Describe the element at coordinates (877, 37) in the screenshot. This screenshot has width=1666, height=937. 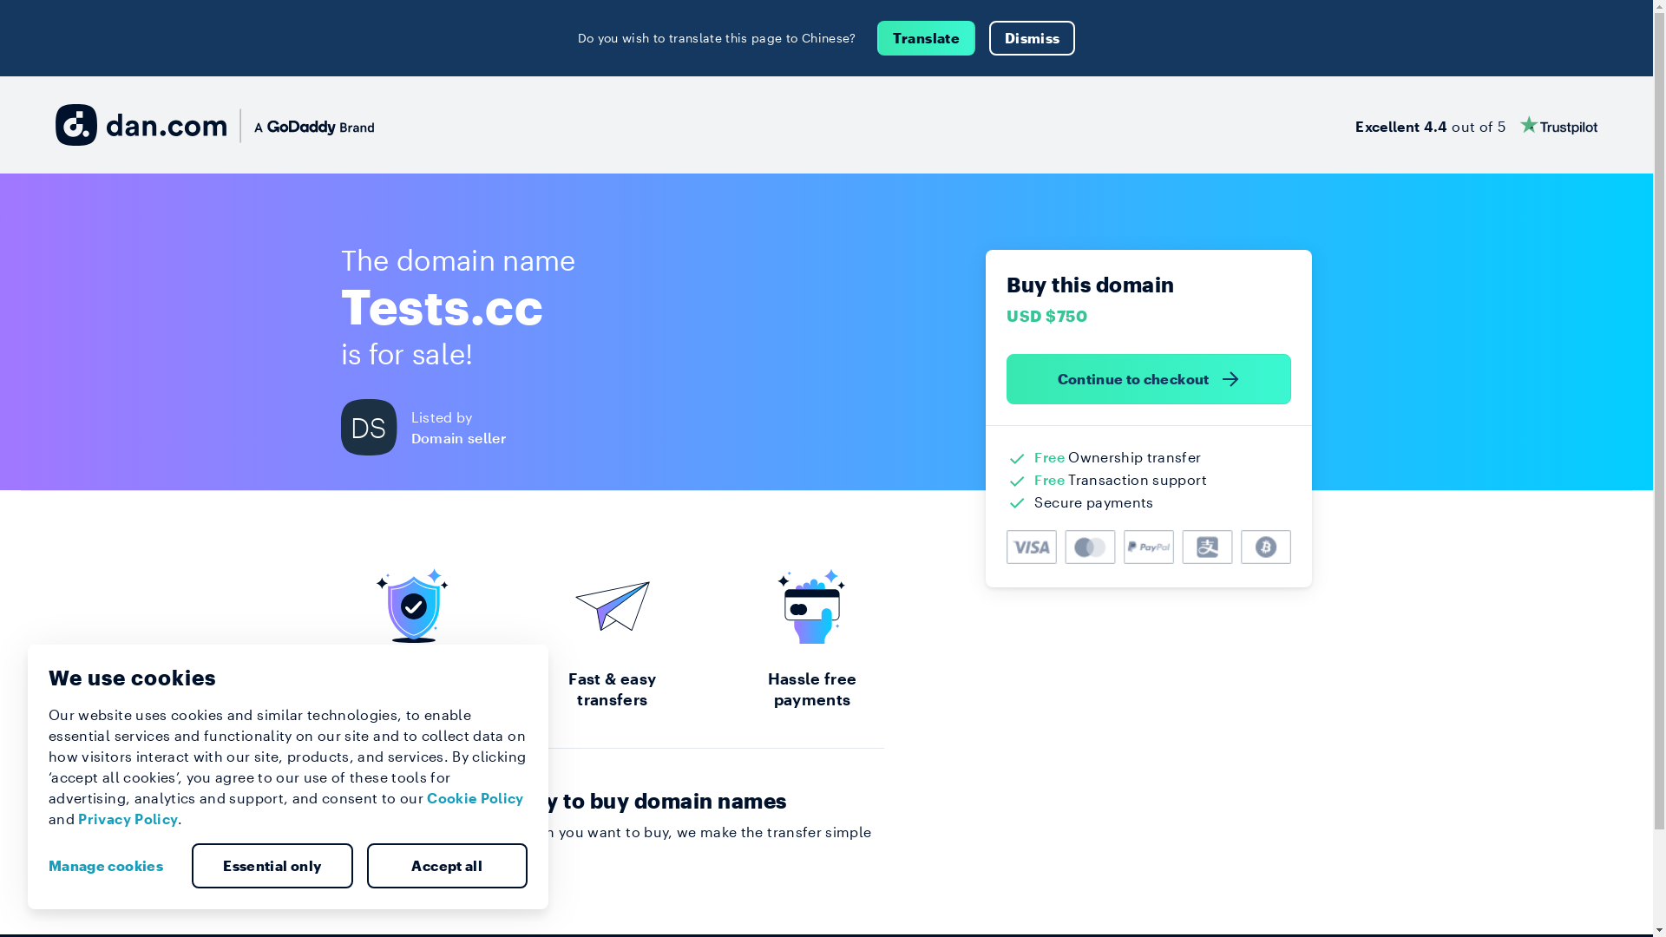
I see `'Translate'` at that location.